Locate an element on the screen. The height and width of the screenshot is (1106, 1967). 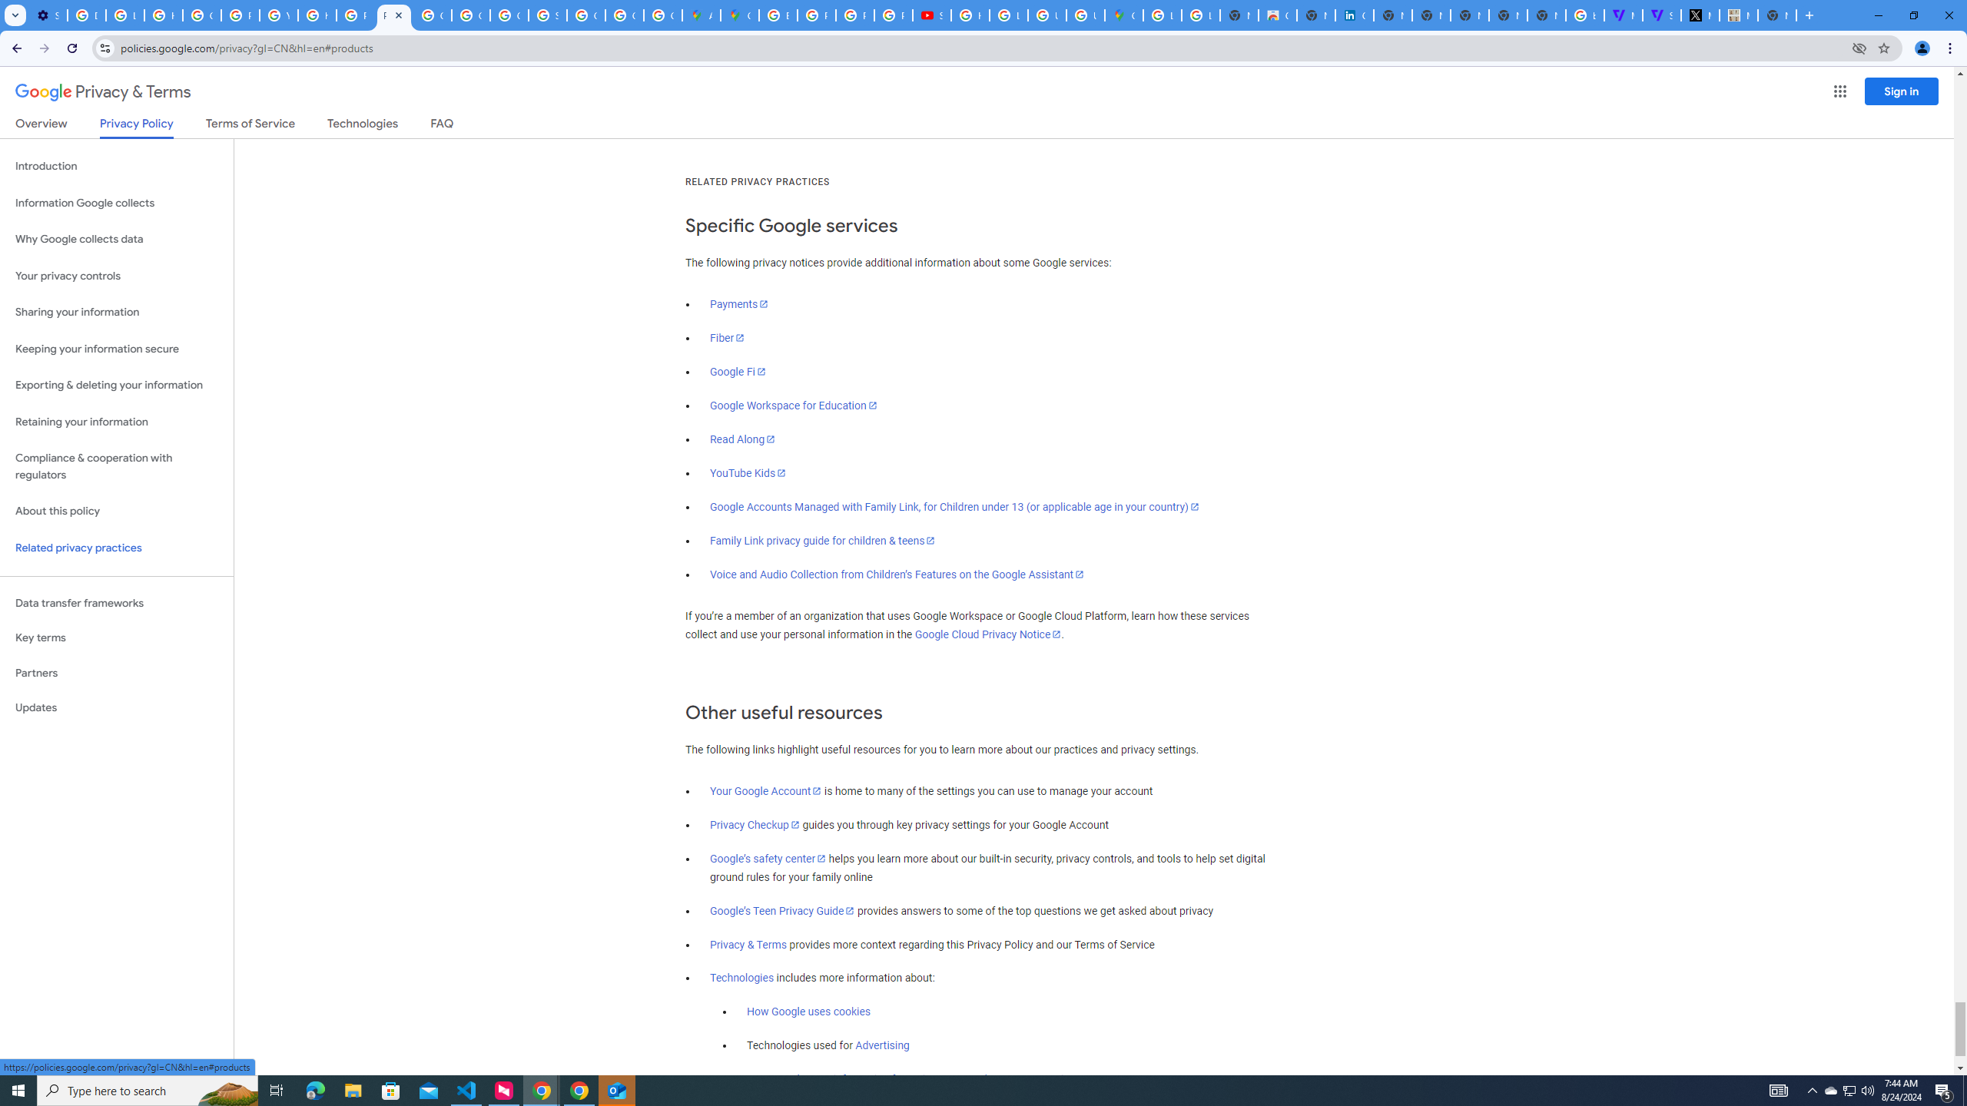
'How Google uses cookies' is located at coordinates (808, 1012).